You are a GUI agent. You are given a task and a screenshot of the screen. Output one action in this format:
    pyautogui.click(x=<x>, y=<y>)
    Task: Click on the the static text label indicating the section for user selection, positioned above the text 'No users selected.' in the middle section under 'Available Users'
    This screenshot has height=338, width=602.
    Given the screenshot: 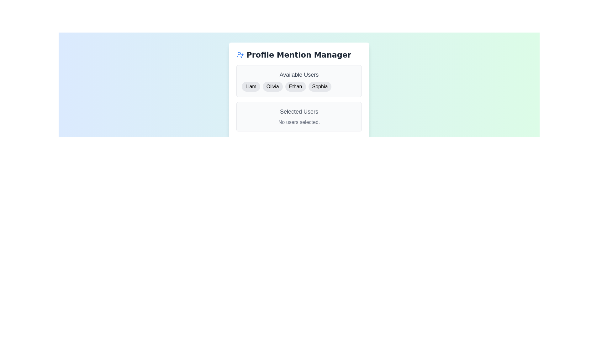 What is the action you would take?
    pyautogui.click(x=299, y=111)
    